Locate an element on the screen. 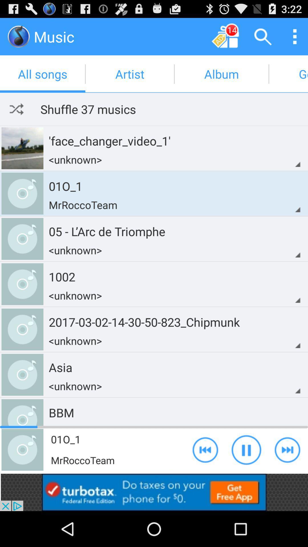  pause track is located at coordinates (246, 449).